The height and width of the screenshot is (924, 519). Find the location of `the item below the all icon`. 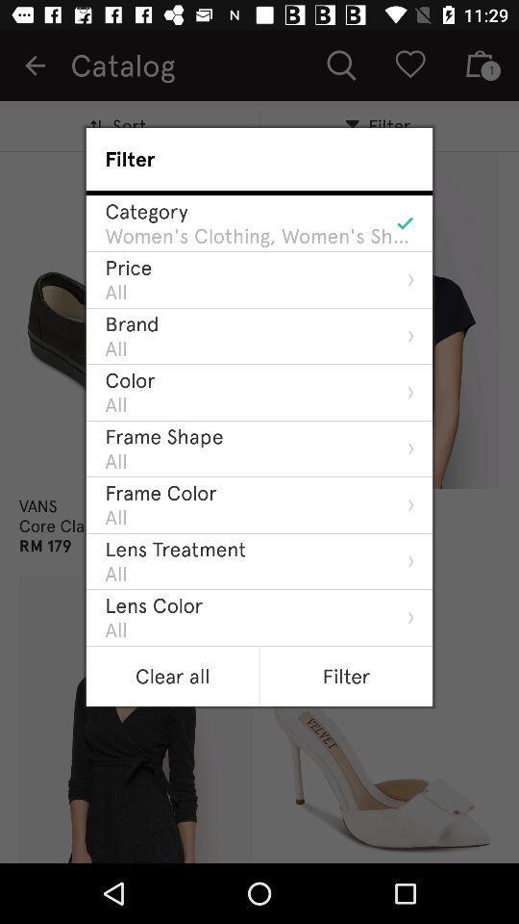

the item below the all icon is located at coordinates (164, 436).